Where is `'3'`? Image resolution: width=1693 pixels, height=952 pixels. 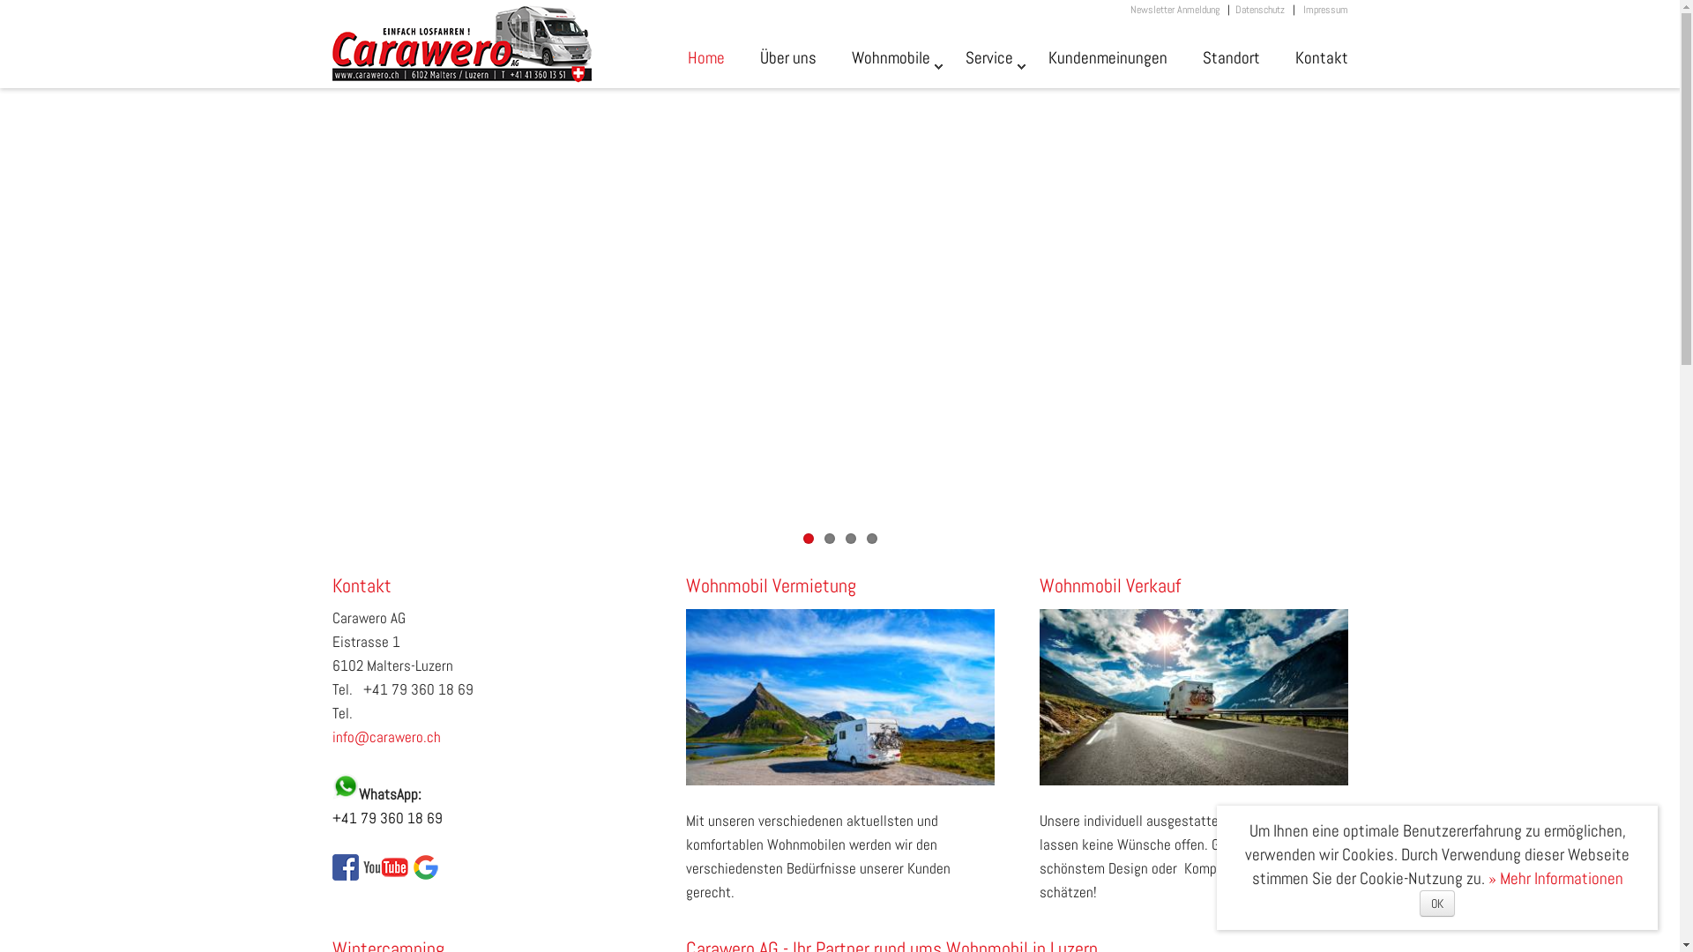 '3' is located at coordinates (850, 537).